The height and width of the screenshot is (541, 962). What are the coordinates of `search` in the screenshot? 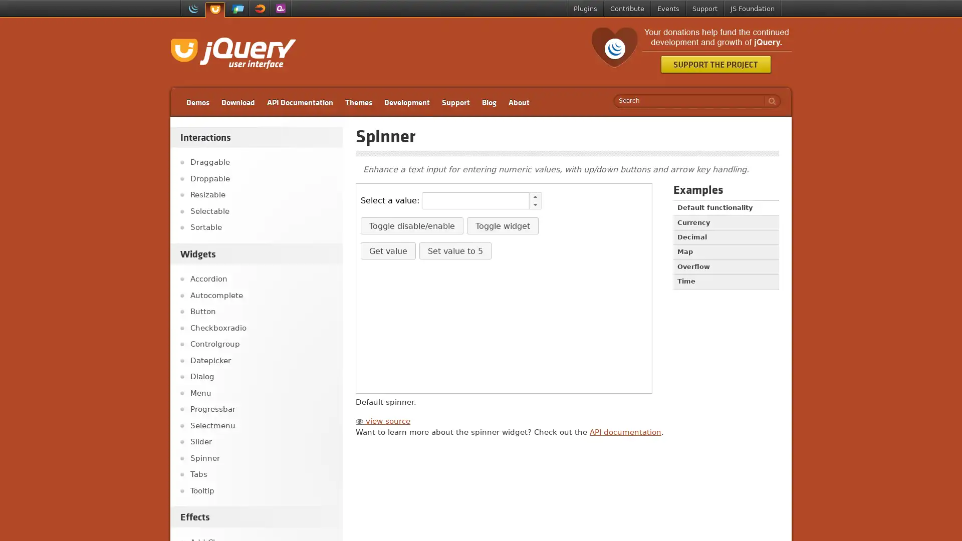 It's located at (769, 101).